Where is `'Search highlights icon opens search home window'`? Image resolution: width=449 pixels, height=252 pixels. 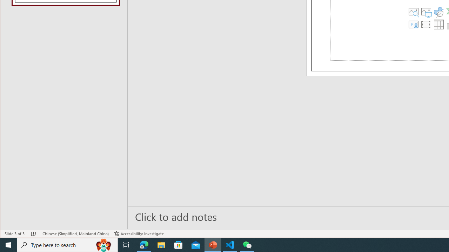 'Search highlights icon opens search home window' is located at coordinates (103, 244).